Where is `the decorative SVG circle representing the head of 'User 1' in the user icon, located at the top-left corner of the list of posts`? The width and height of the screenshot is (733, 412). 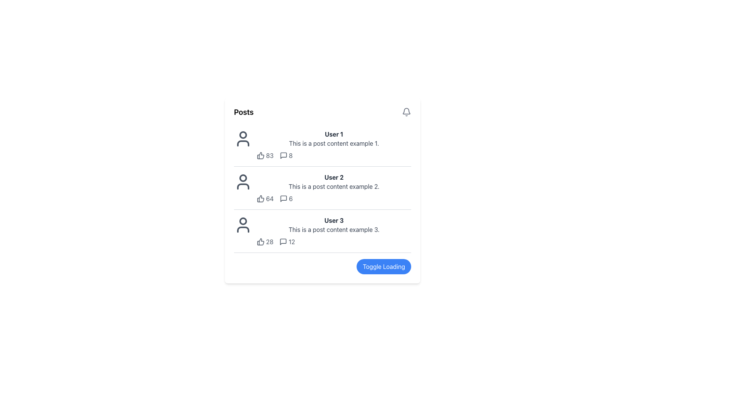
the decorative SVG circle representing the head of 'User 1' in the user icon, located at the top-left corner of the list of posts is located at coordinates (243, 135).